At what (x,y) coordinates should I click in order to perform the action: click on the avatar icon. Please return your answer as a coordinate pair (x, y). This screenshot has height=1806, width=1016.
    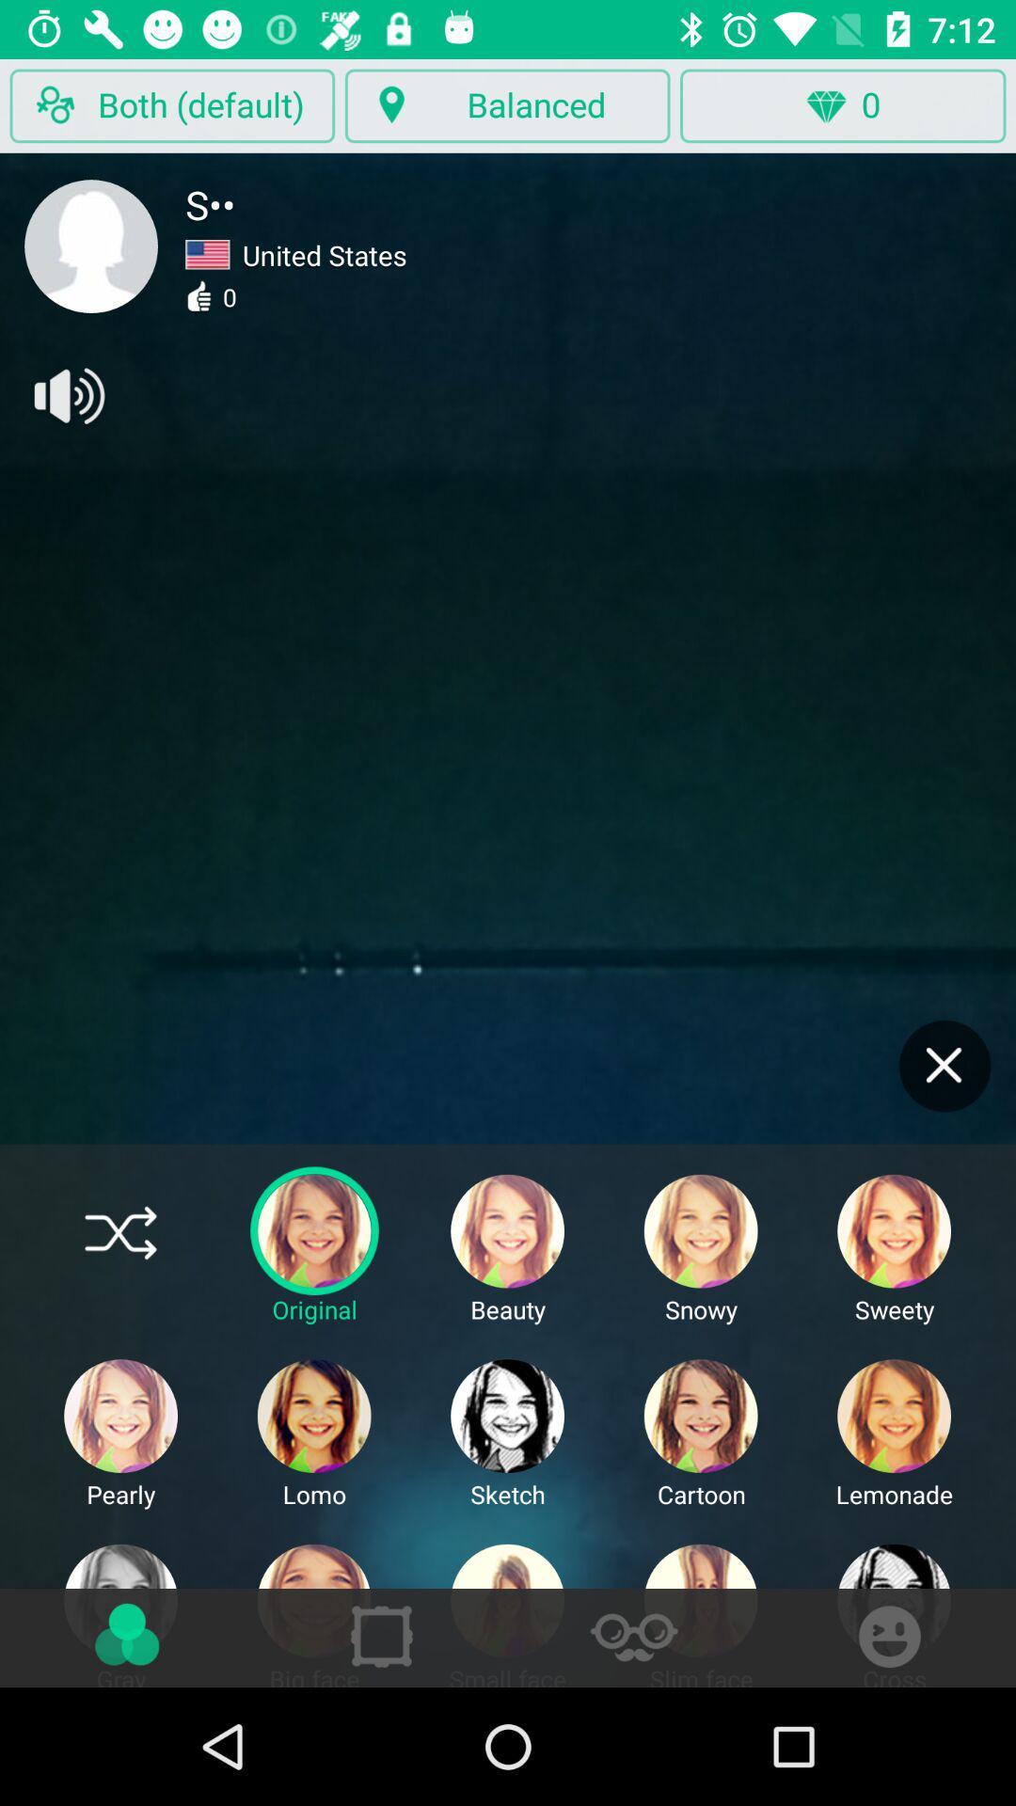
    Looking at the image, I should click on (91, 246).